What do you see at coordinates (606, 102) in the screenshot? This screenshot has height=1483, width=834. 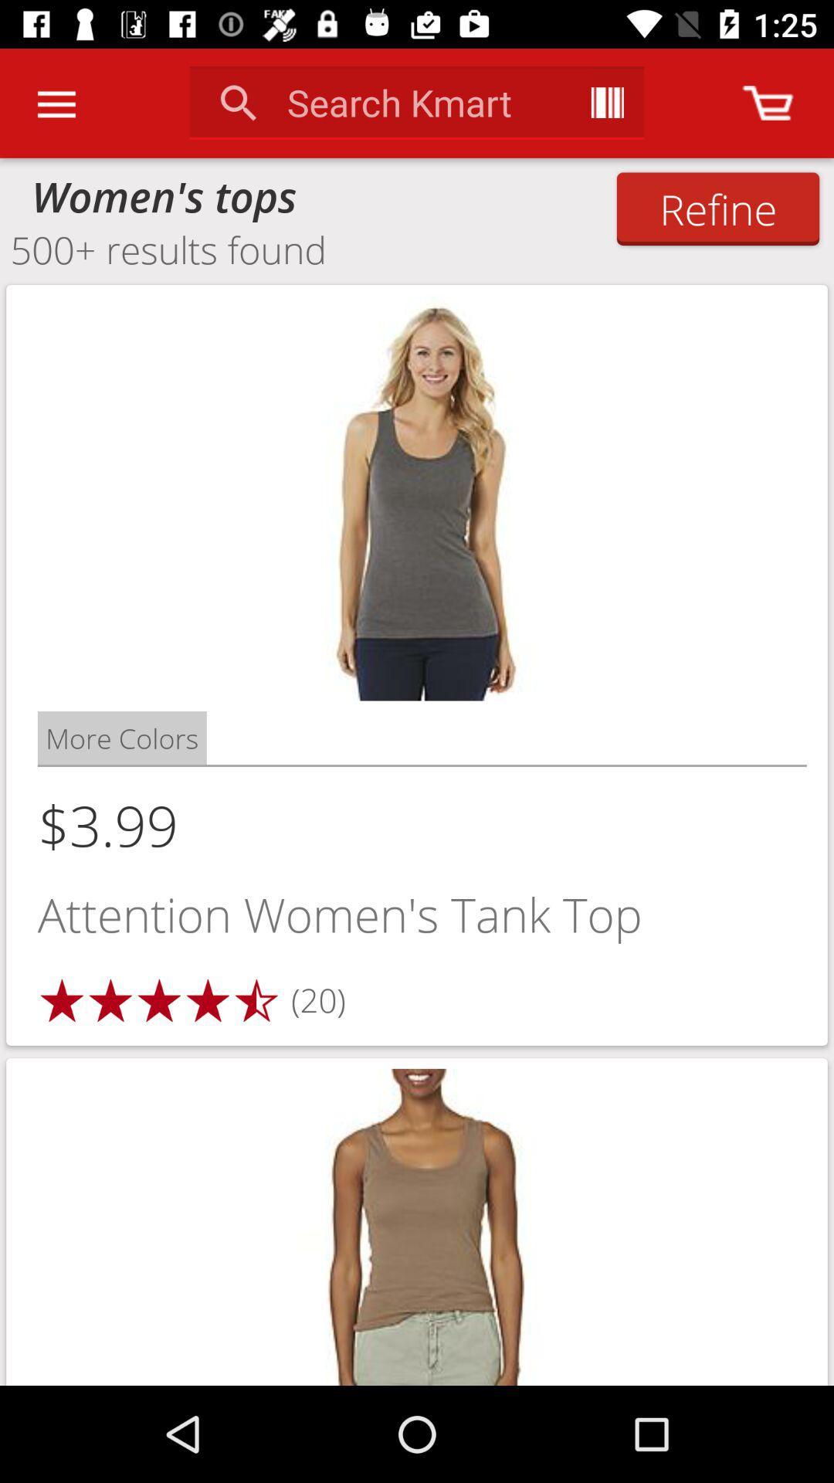 I see `app to the right of the search kmart` at bounding box center [606, 102].